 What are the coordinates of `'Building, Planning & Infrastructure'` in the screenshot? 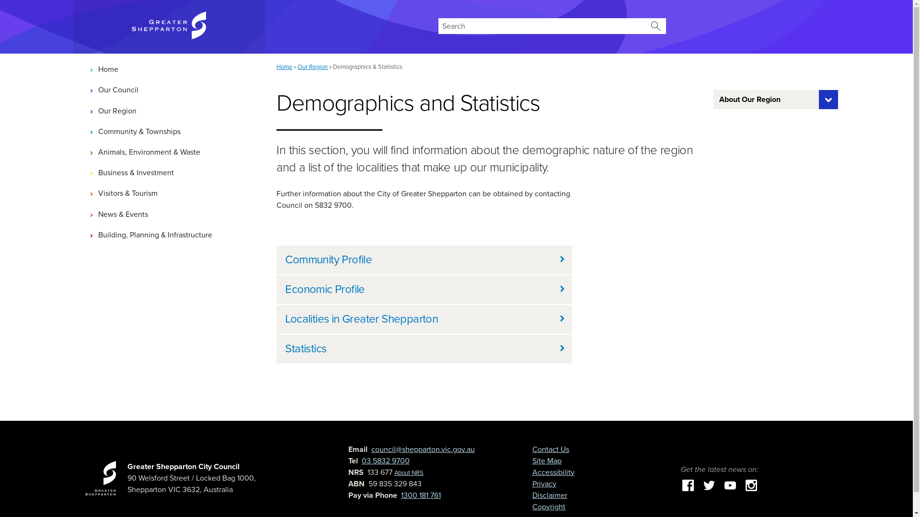 It's located at (169, 235).